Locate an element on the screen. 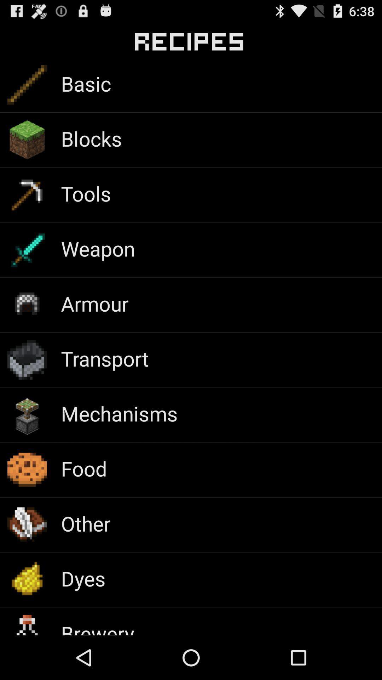  the dyes app is located at coordinates (83, 578).